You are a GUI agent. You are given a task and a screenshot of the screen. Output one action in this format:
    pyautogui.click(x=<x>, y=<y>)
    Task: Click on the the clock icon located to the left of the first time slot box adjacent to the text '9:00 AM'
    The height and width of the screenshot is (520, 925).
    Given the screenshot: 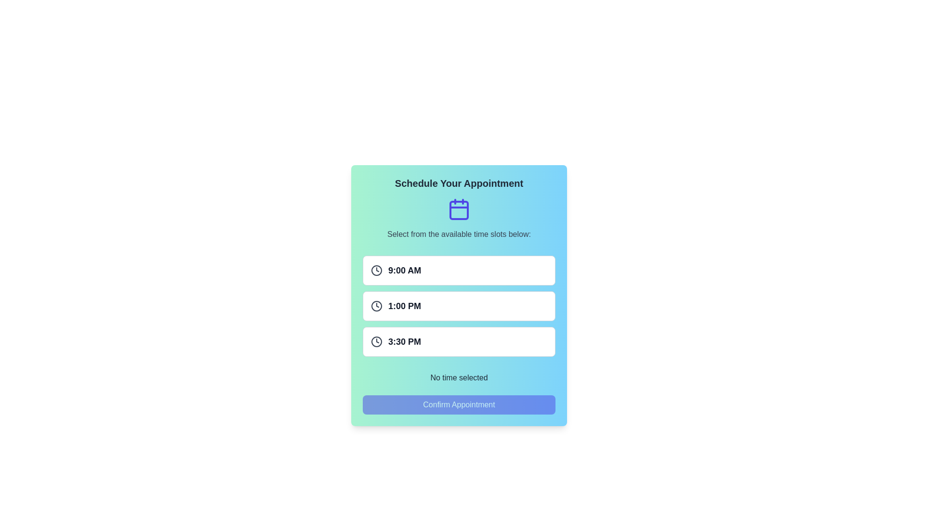 What is the action you would take?
    pyautogui.click(x=376, y=271)
    